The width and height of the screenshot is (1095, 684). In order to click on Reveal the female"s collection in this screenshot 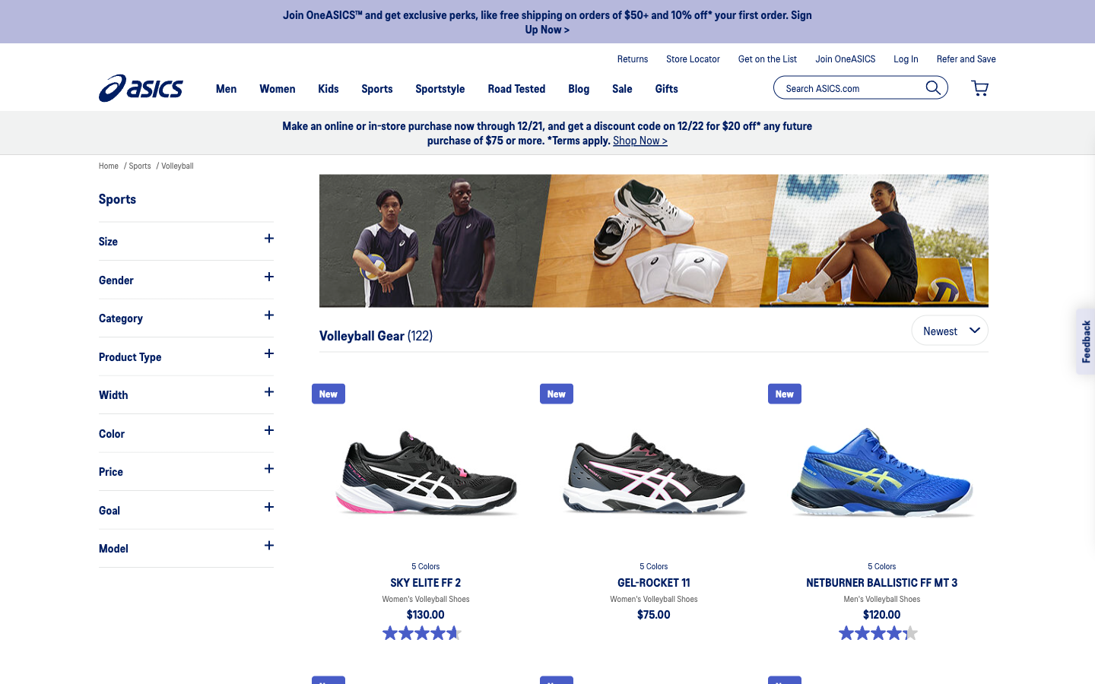, I will do `click(185, 279)`.